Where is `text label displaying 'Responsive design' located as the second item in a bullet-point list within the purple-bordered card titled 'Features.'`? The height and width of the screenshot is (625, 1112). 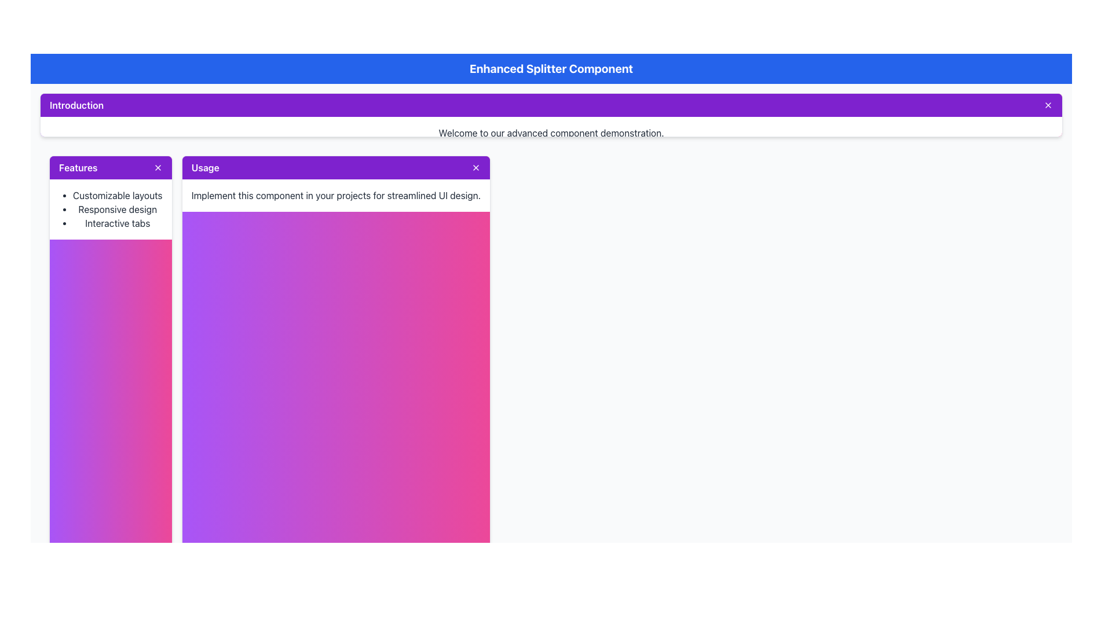 text label displaying 'Responsive design' located as the second item in a bullet-point list within the purple-bordered card titled 'Features.' is located at coordinates (118, 209).